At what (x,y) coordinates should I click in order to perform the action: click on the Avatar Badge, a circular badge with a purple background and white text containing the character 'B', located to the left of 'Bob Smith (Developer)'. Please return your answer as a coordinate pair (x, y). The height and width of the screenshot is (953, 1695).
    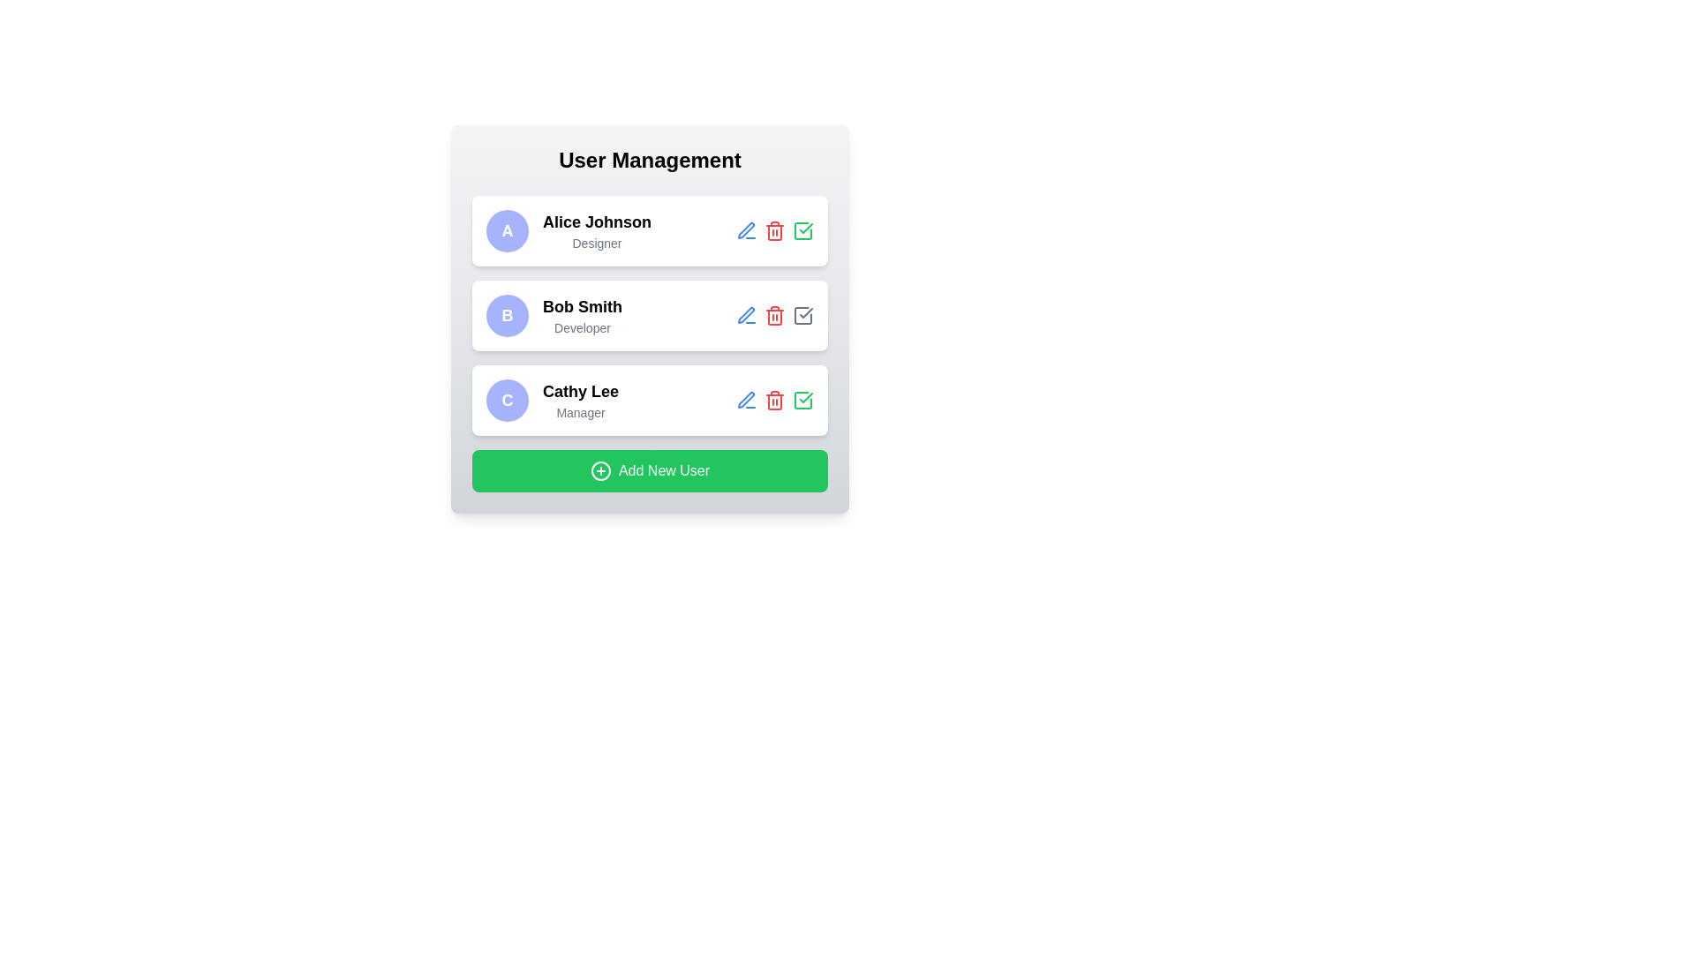
    Looking at the image, I should click on (507, 315).